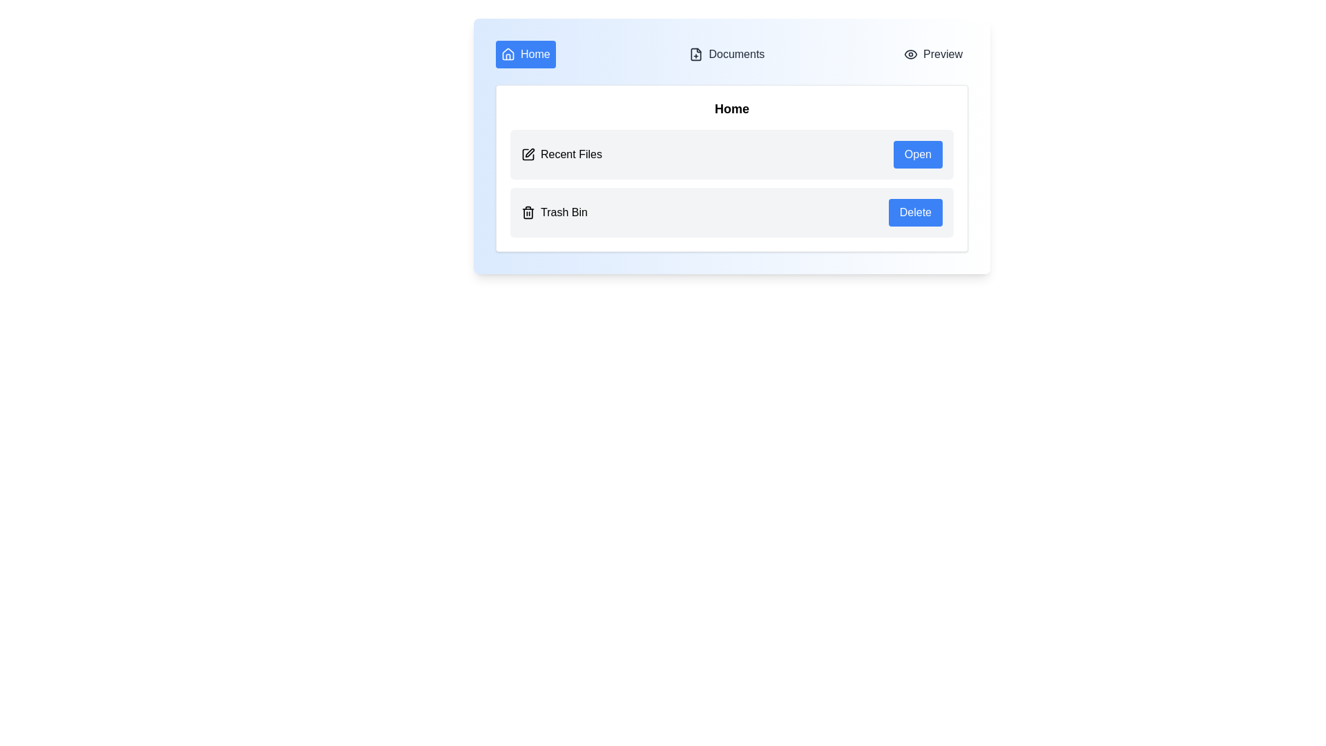 The image size is (1326, 746). I want to click on the decorative 'Preview' icon located within the 'Preview' button in the upper-right corner of the interface, positioned to the left of the text 'Preview', so click(911, 53).